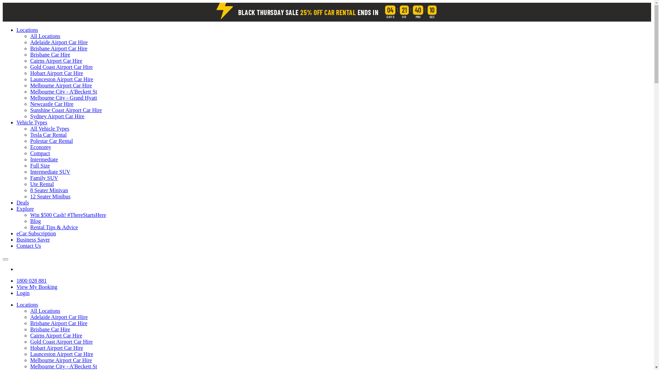 Image resolution: width=659 pixels, height=370 pixels. Describe the element at coordinates (63, 366) in the screenshot. I see `'Melbourne City - A'Beckett St'` at that location.